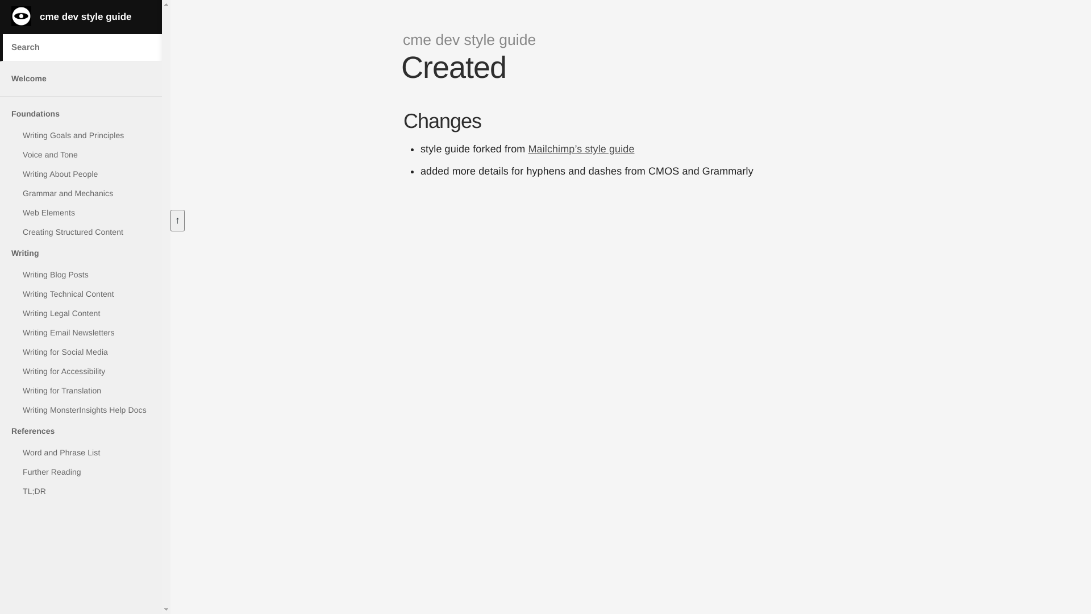  I want to click on 'Grammar and Mechanics', so click(80, 192).